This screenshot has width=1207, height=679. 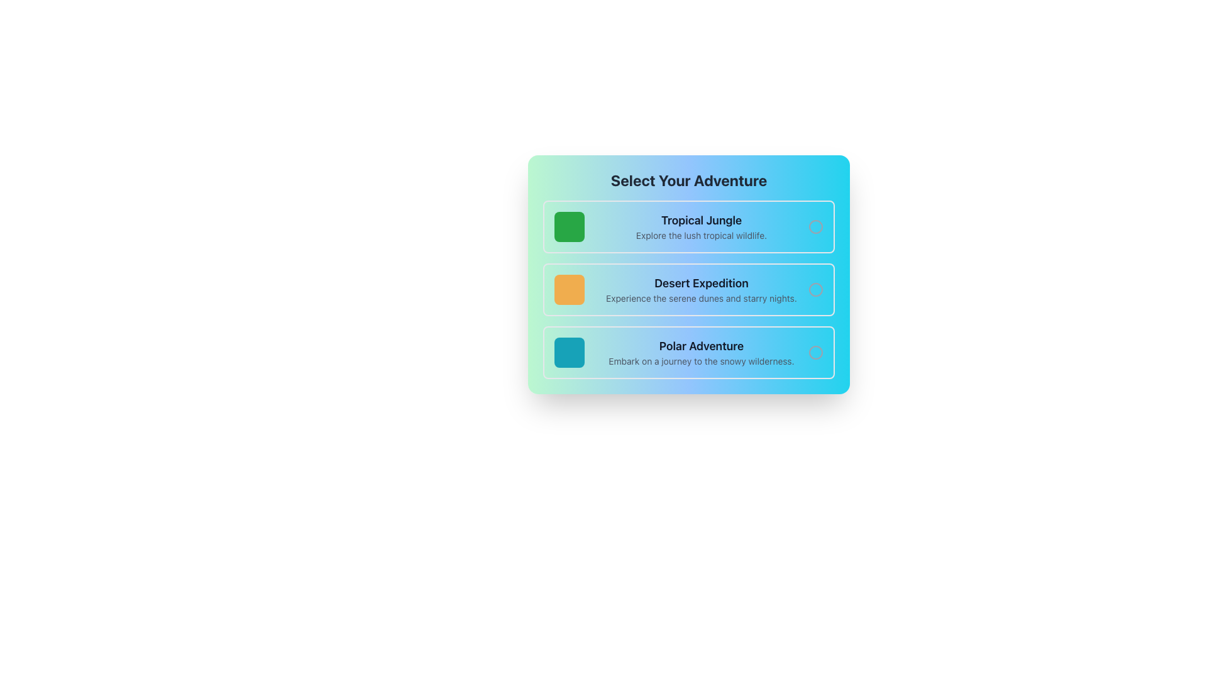 What do you see at coordinates (569, 290) in the screenshot?
I see `the orange-yellow square area with rounded corners located to the left of the 'Desert Expedition' entry in the vertically stacked list` at bounding box center [569, 290].